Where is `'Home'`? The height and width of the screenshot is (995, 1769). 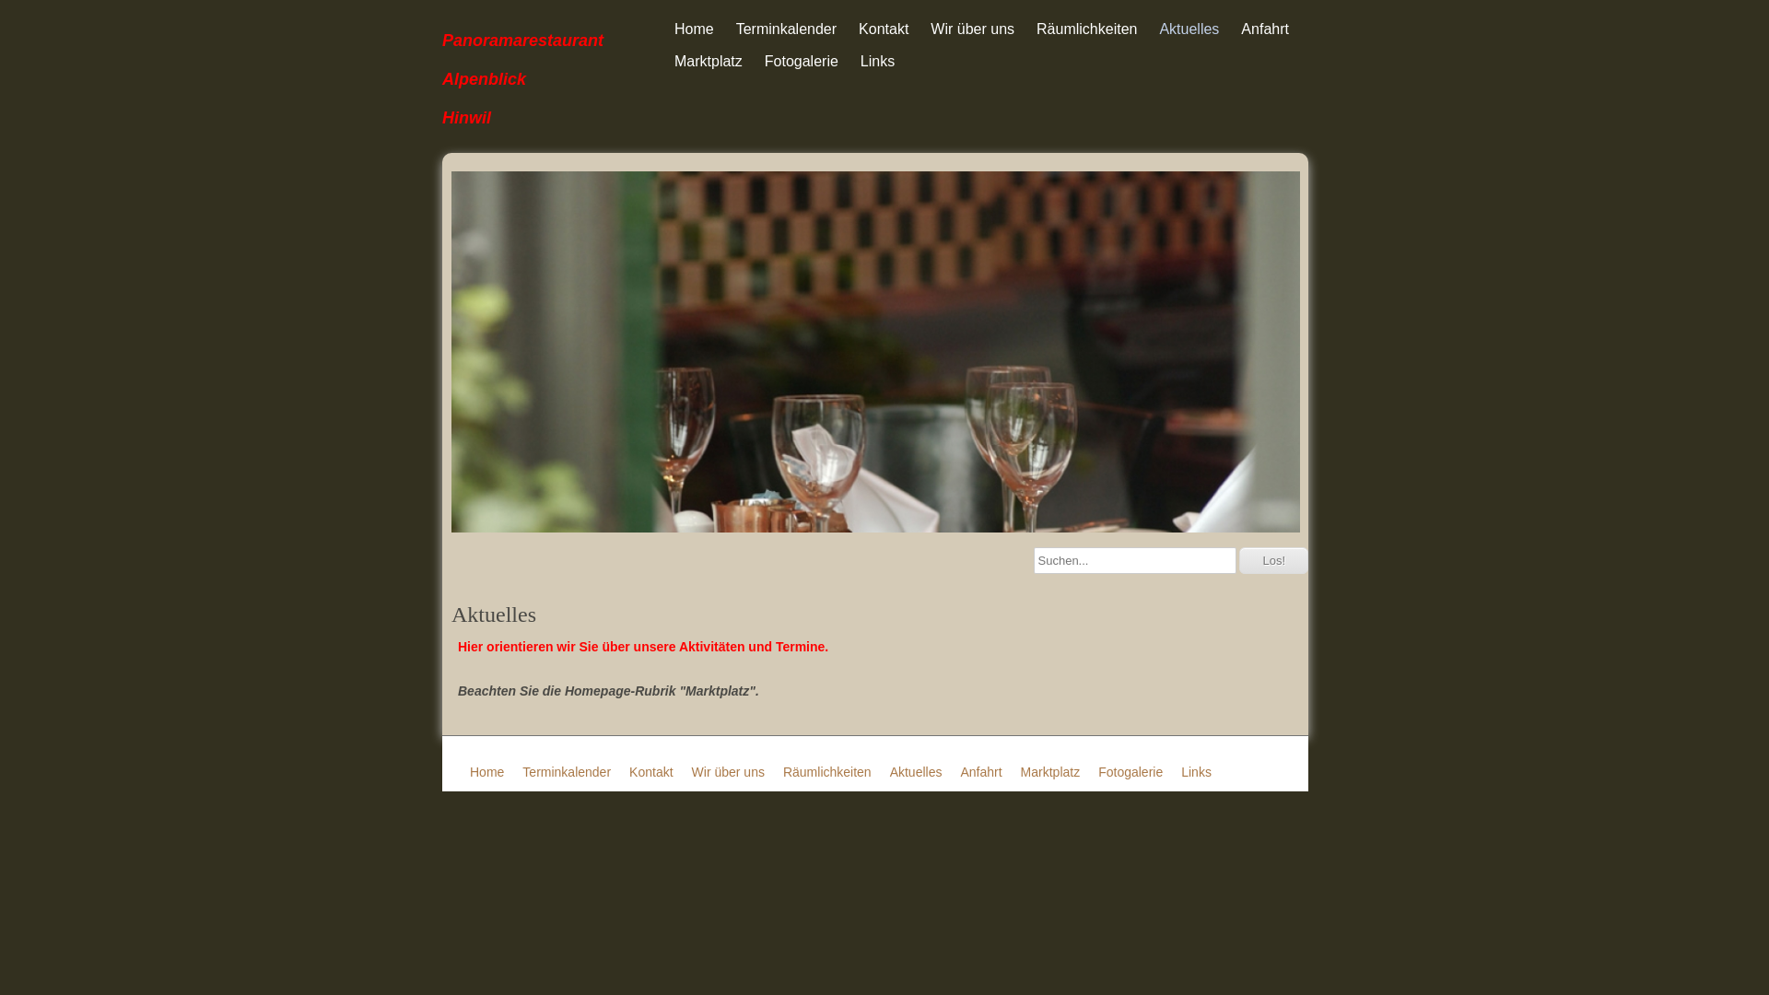 'Home' is located at coordinates (693, 29).